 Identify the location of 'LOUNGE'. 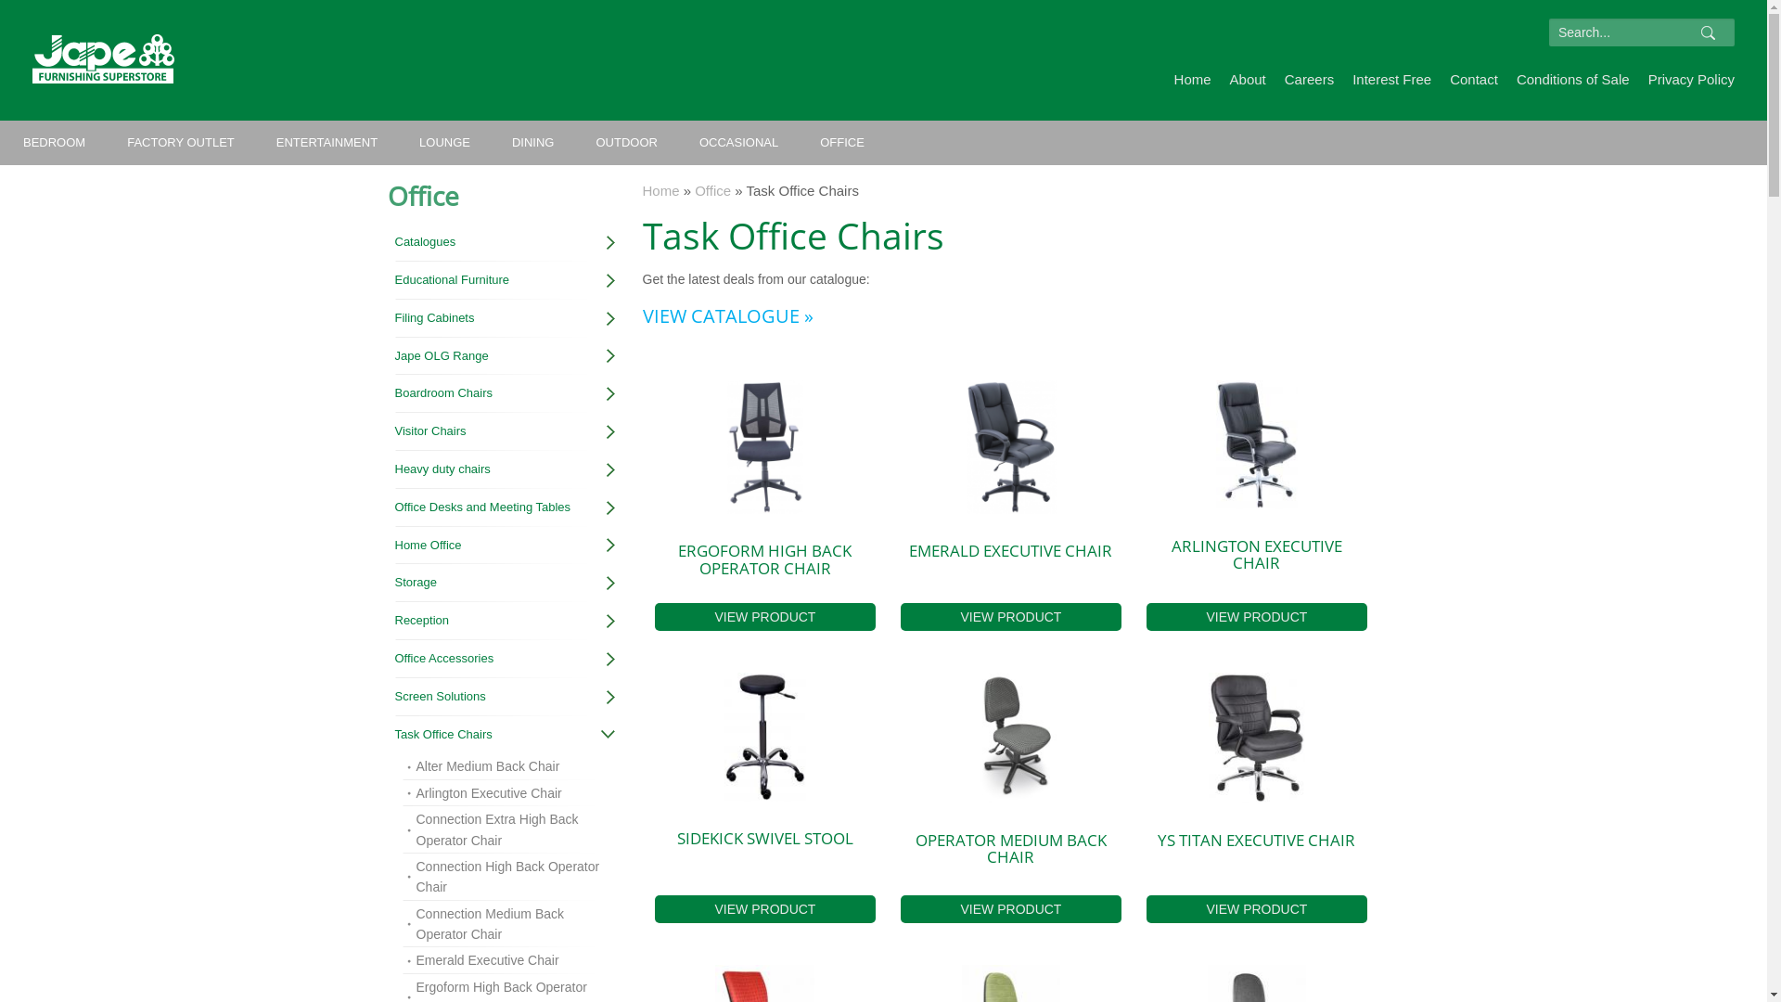
(443, 141).